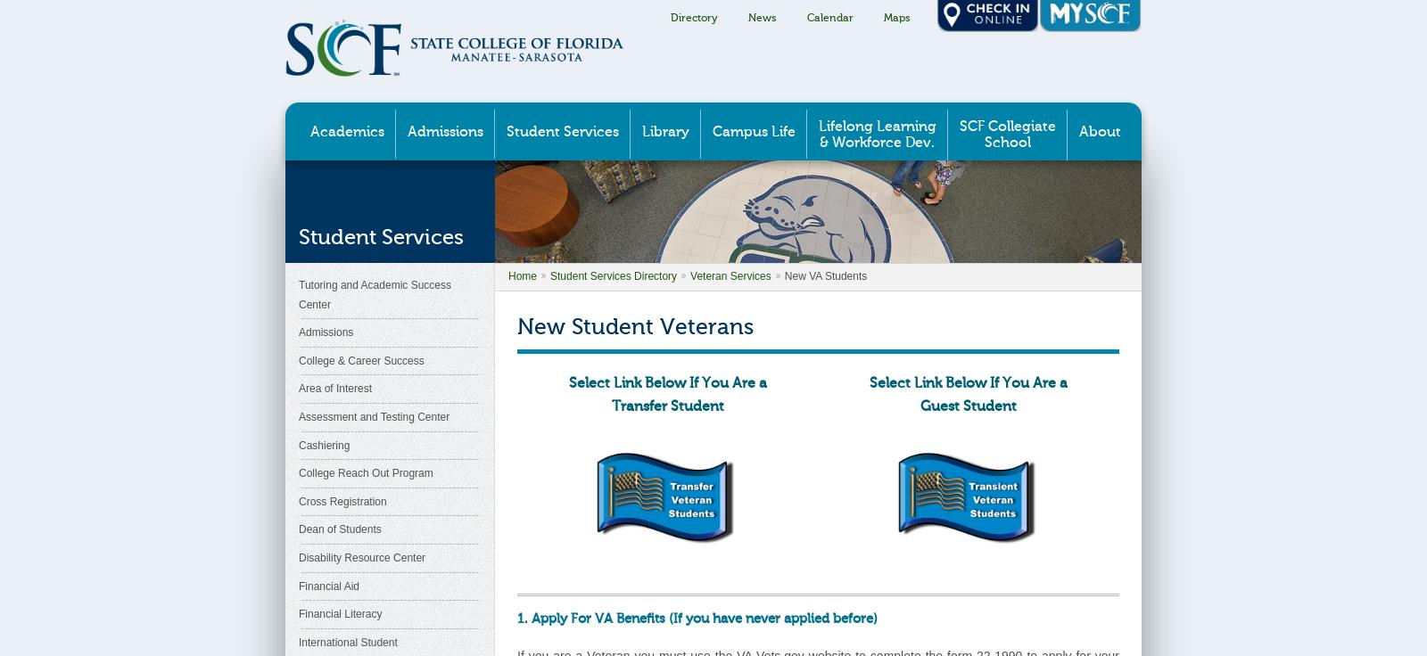 Image resolution: width=1427 pixels, height=656 pixels. I want to click on 'Cashiering', so click(324, 444).